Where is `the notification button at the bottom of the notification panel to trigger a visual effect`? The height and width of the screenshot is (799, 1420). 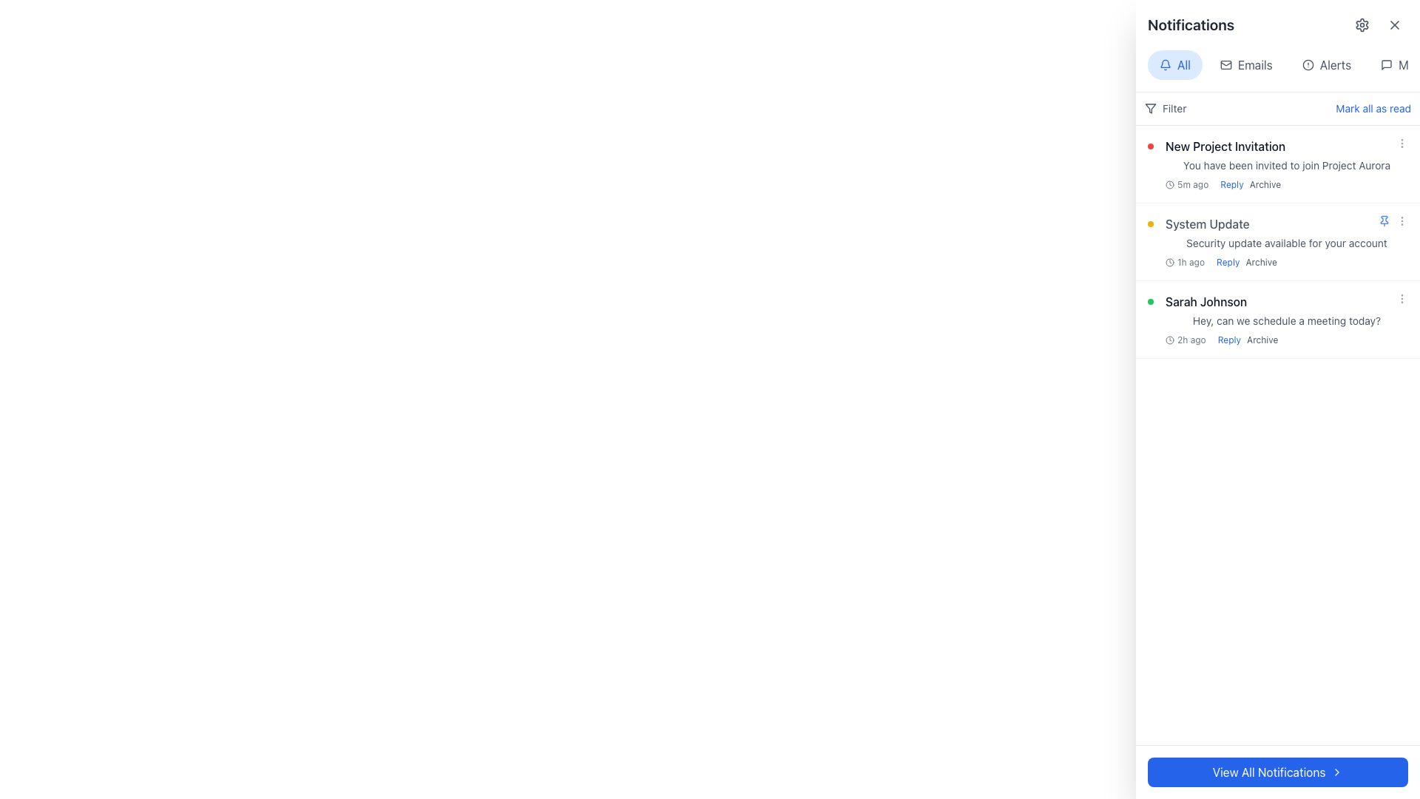
the notification button at the bottom of the notification panel to trigger a visual effect is located at coordinates (1277, 772).